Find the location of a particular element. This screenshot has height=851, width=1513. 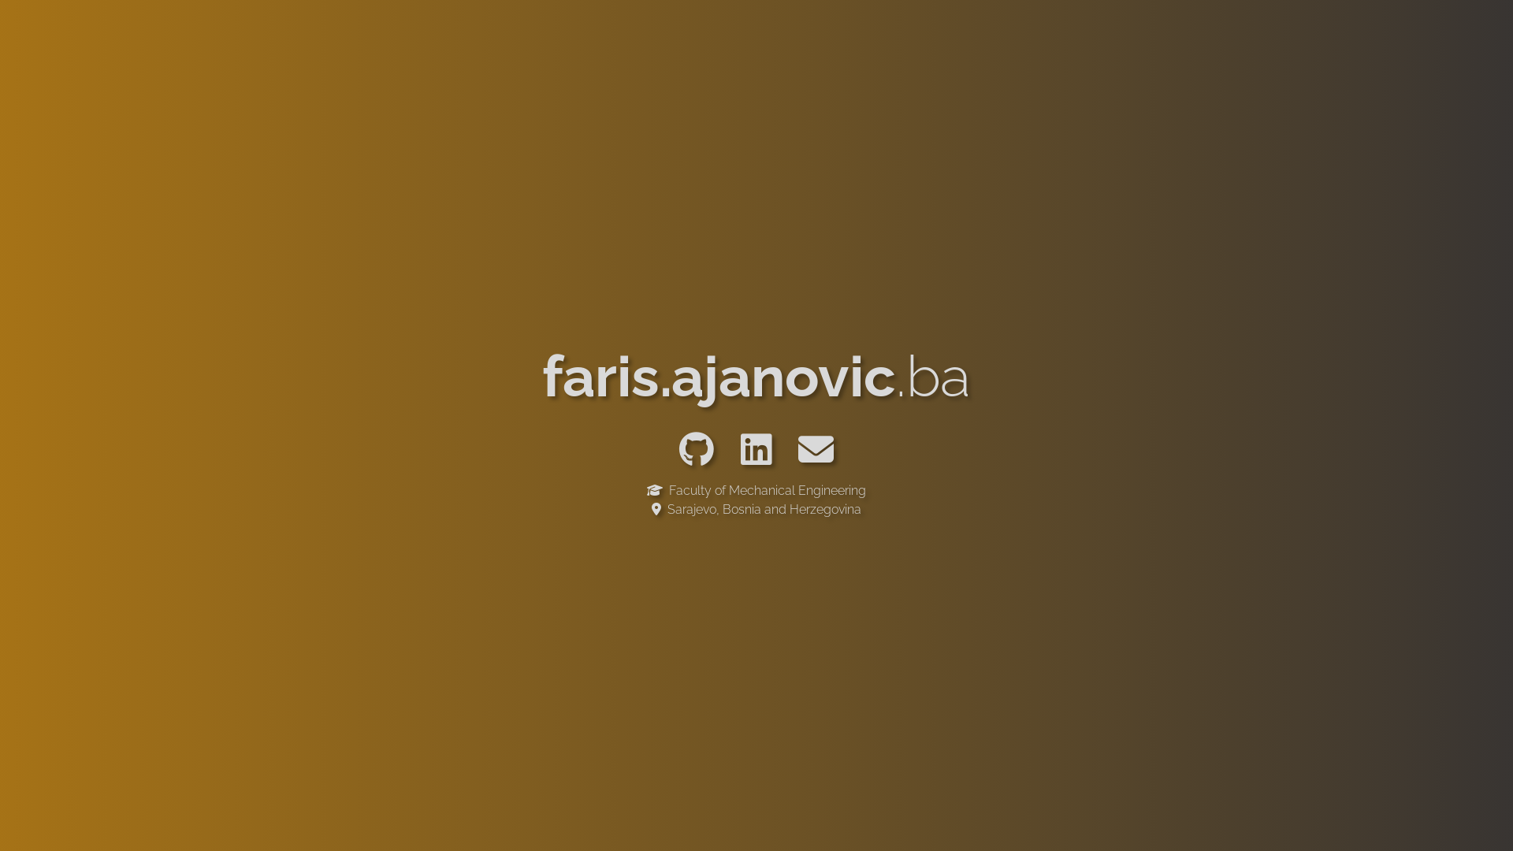

'  Faculty of Mechanical Engineering' is located at coordinates (756, 491).